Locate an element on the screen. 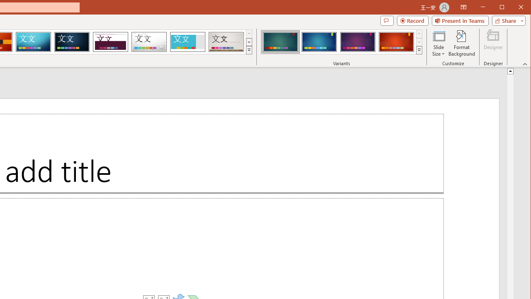 This screenshot has width=531, height=299. 'Damask' is located at coordinates (72, 42).